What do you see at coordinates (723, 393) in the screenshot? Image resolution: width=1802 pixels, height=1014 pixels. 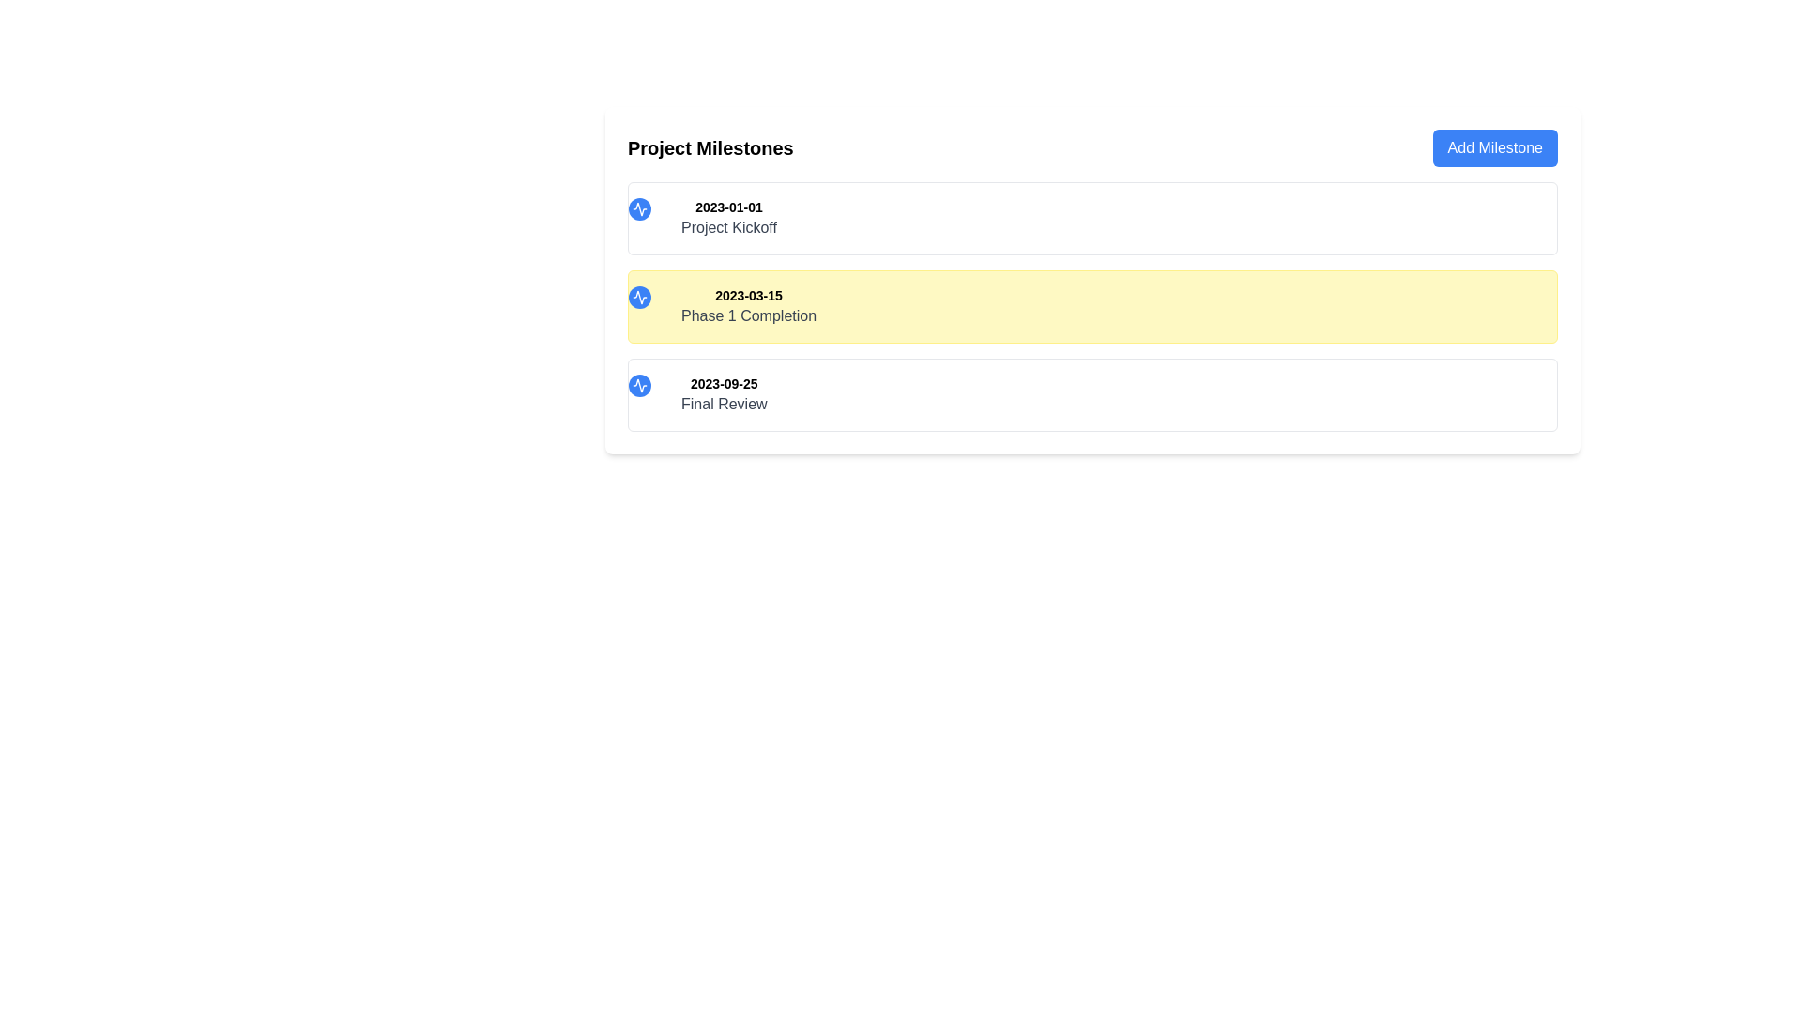 I see `the Text Display Group displaying '2023-09-25 Final Review', located at the bottom of the 'Project Milestones' list` at bounding box center [723, 393].